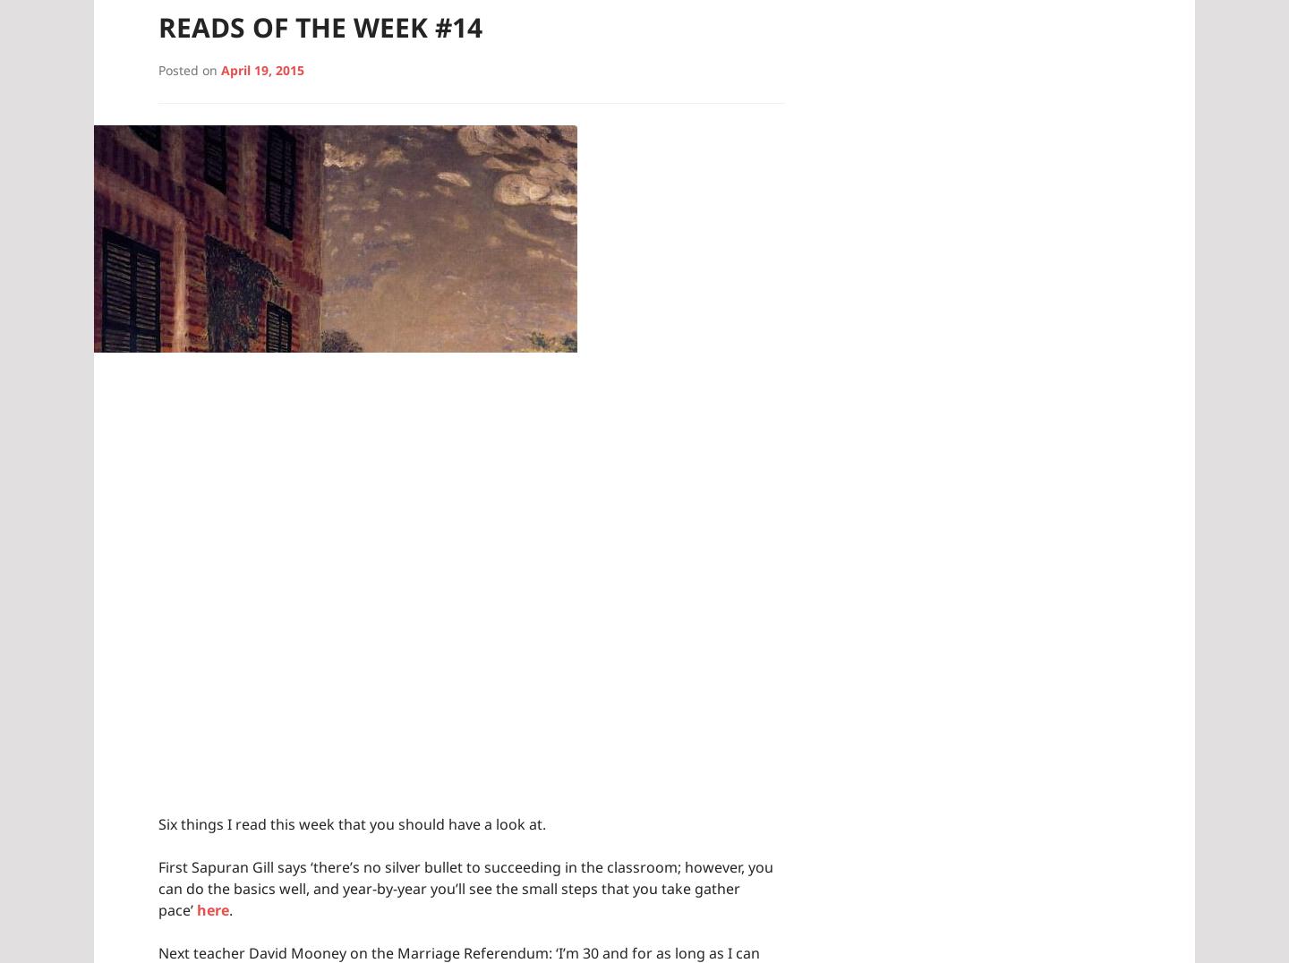  What do you see at coordinates (357, 951) in the screenshot?
I see `'Next teacher David Mooney on the Marriage Referendum: ‘'` at bounding box center [357, 951].